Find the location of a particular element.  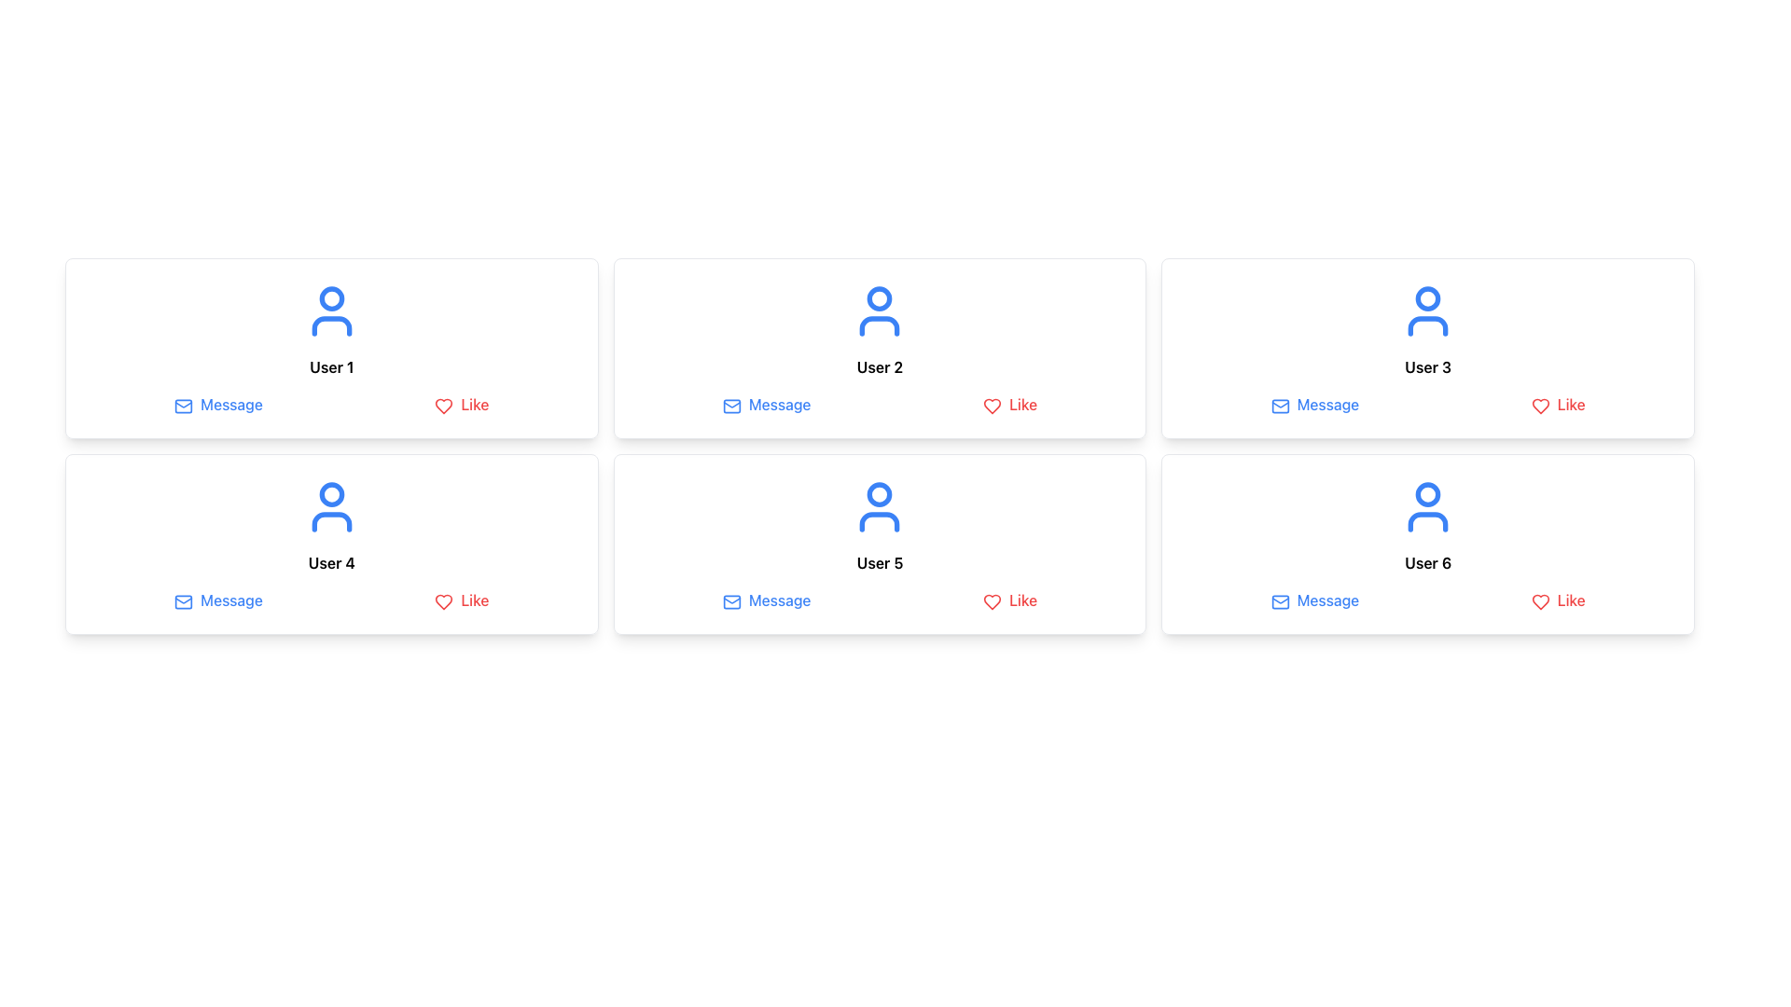

the decorative SVG circle element representing the user icon in the user profile card labeled 'User 6', positioned above the username is located at coordinates (1427, 493).